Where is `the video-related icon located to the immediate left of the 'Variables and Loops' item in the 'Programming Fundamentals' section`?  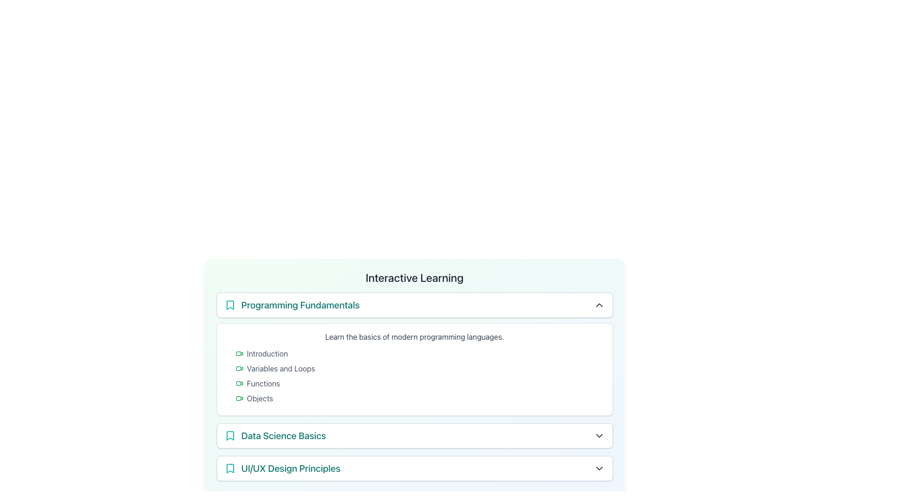
the video-related icon located to the immediate left of the 'Variables and Loops' item in the 'Programming Fundamentals' section is located at coordinates (239, 368).